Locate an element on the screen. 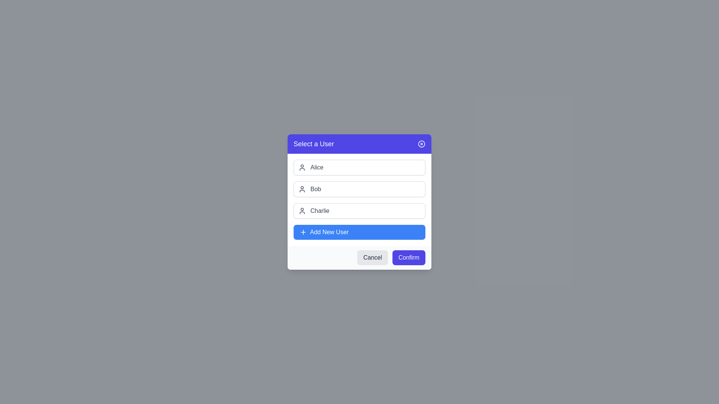 Image resolution: width=719 pixels, height=404 pixels. the icon representing the user 'Charlie' in the selection card, which is positioned below 'Alice' and 'Bob' and to the left of the text 'Charlie' is located at coordinates (302, 211).